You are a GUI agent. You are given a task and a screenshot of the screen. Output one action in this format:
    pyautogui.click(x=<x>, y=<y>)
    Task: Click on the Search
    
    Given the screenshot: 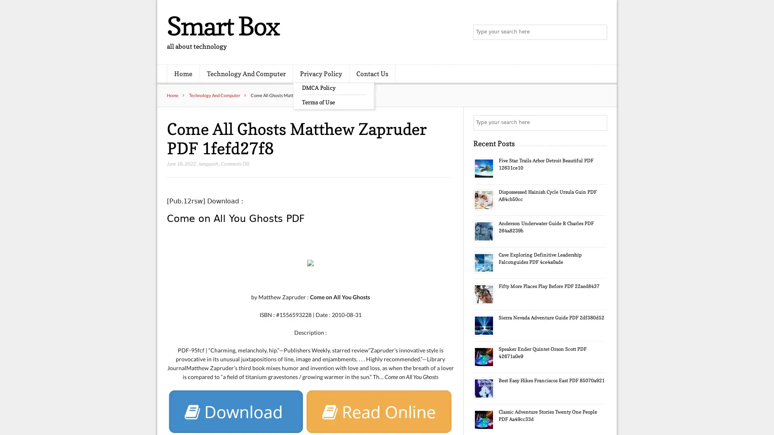 What is the action you would take?
    pyautogui.click(x=599, y=122)
    